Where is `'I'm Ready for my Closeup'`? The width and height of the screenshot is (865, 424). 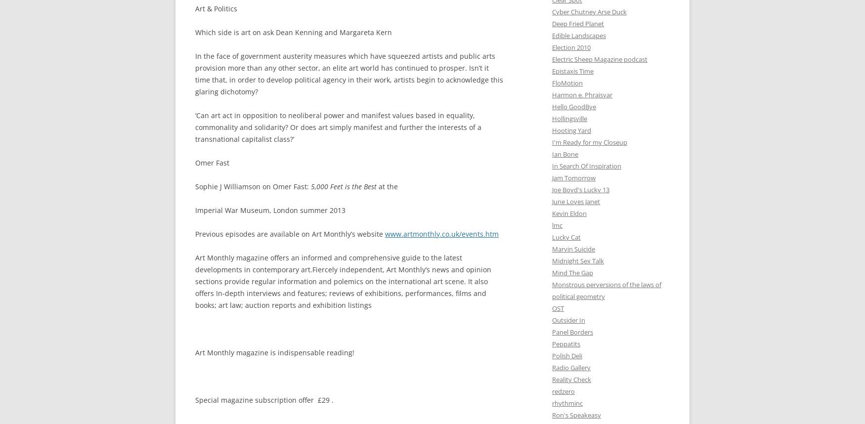
'I'm Ready for my Closeup' is located at coordinates (552, 142).